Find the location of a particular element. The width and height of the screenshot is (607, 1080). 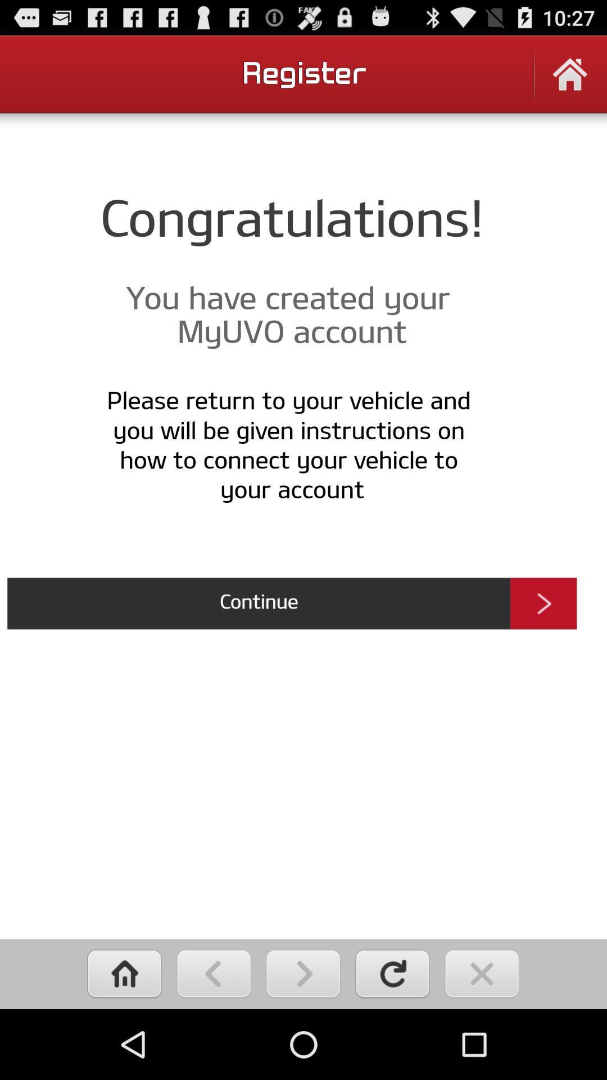

go back is located at coordinates (214, 973).